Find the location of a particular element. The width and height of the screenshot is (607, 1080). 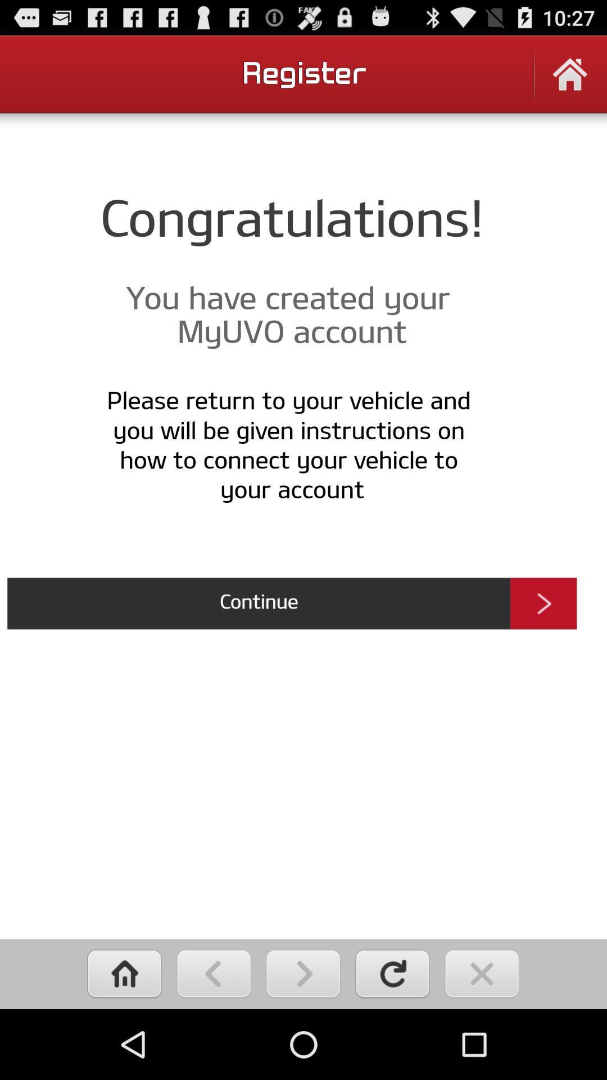

go back is located at coordinates (214, 973).